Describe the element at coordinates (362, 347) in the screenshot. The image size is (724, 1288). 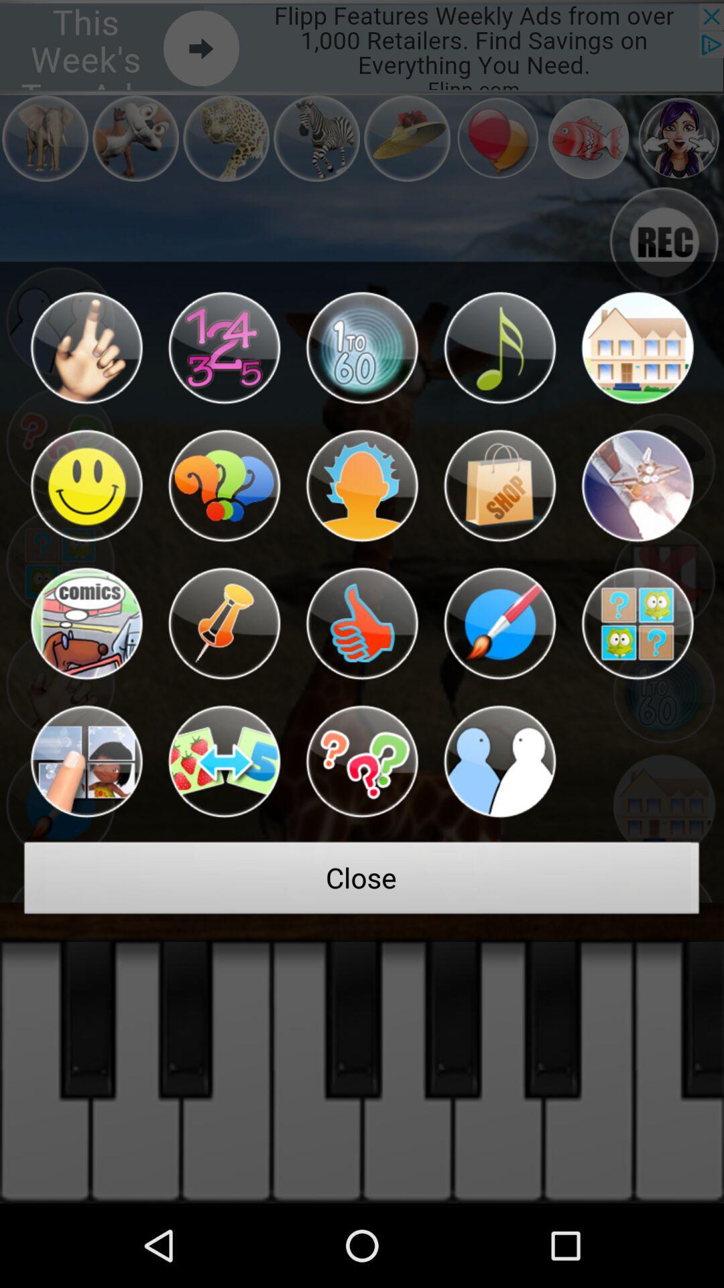
I see `item at the top` at that location.